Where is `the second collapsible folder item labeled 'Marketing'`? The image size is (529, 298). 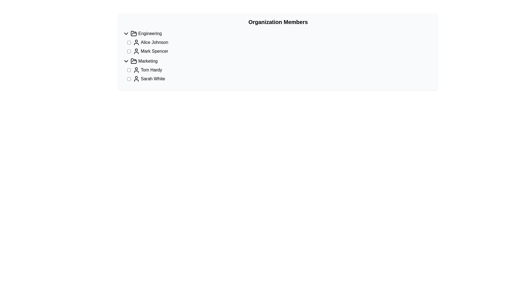
the second collapsible folder item labeled 'Marketing' is located at coordinates (144, 61).